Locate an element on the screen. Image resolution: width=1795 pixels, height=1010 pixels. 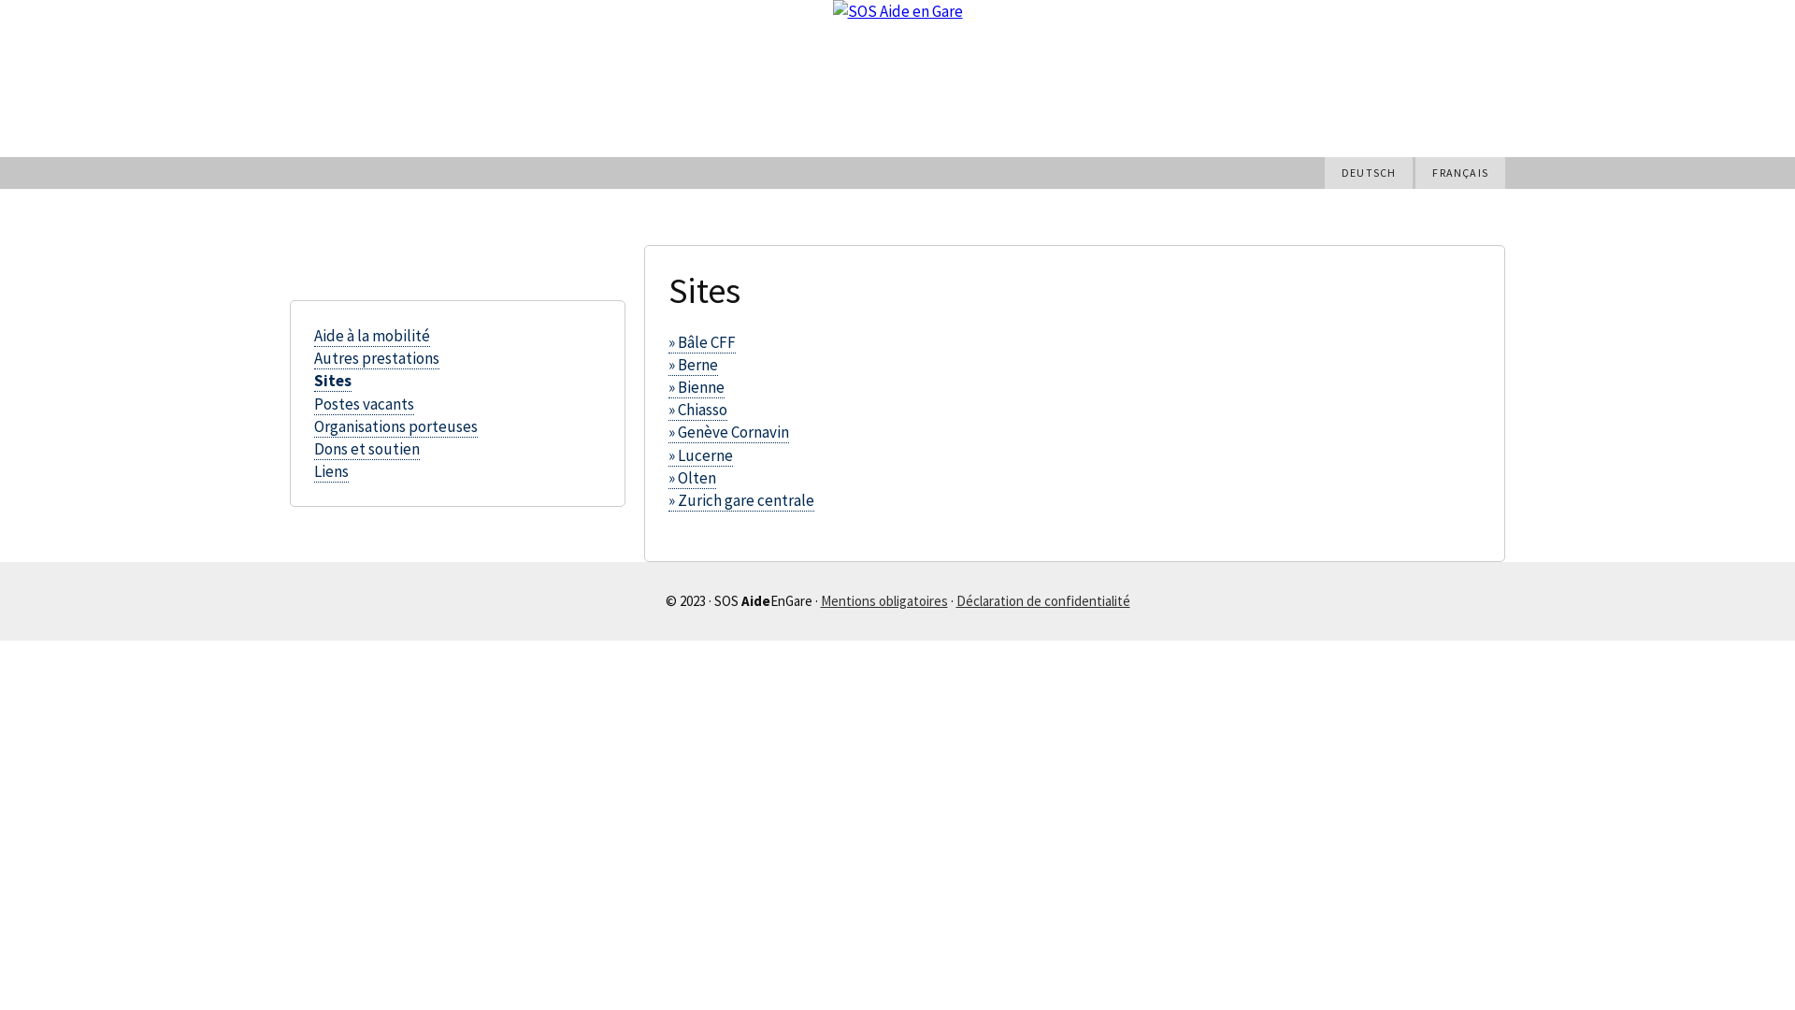
'Mentions obligatoires' is located at coordinates (883, 600).